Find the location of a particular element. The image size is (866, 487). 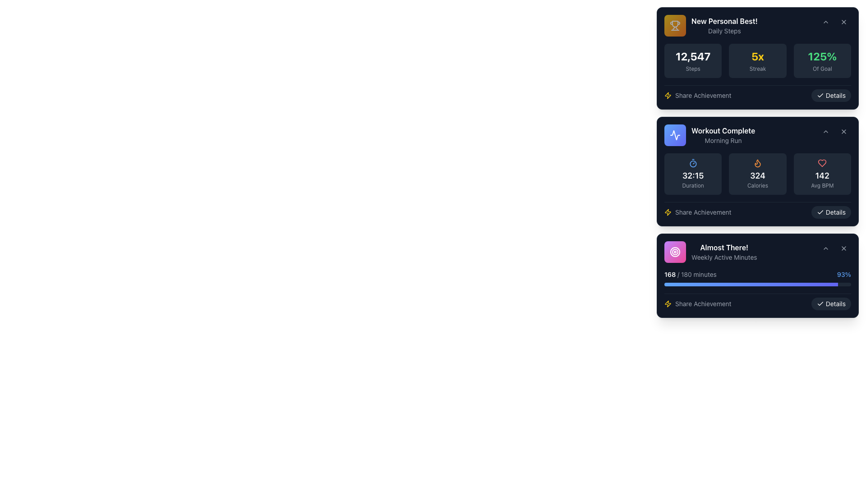

the informational card displaying '12,547' steps, located in the top-left corner of the grid layout is located at coordinates (692, 61).